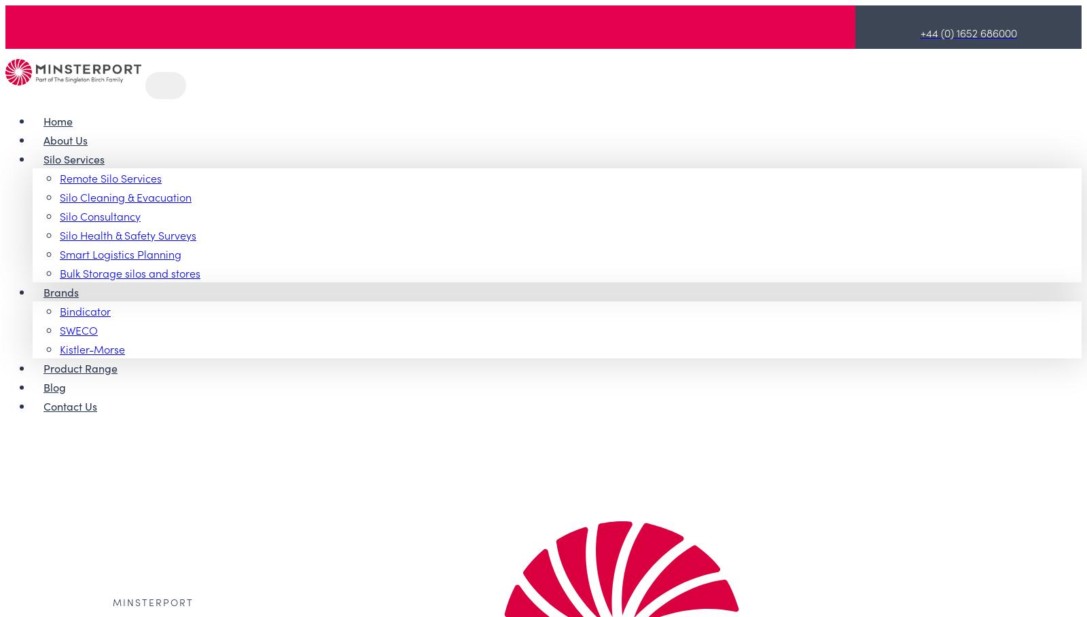 This screenshot has width=1087, height=617. Describe the element at coordinates (153, 601) in the screenshot. I see `'MINSTERPORT'` at that location.